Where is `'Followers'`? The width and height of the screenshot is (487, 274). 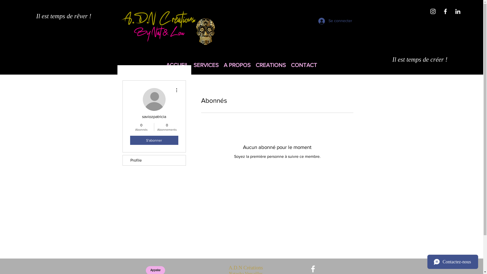
'Followers' is located at coordinates (276, 174).